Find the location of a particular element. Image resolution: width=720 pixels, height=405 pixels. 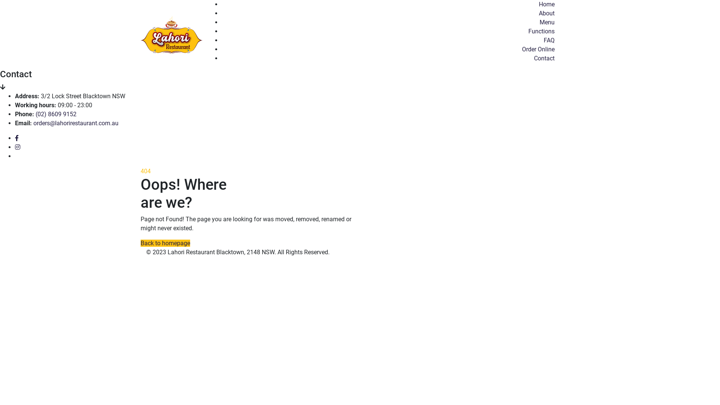

'Order Online' is located at coordinates (538, 49).